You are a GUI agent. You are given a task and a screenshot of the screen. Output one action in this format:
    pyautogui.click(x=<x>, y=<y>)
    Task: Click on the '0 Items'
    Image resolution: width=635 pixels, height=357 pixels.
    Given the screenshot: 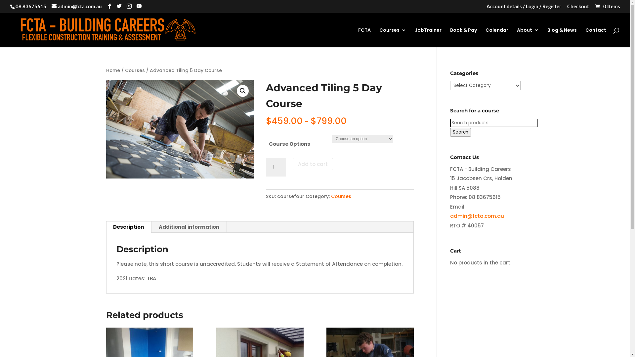 What is the action you would take?
    pyautogui.click(x=607, y=6)
    